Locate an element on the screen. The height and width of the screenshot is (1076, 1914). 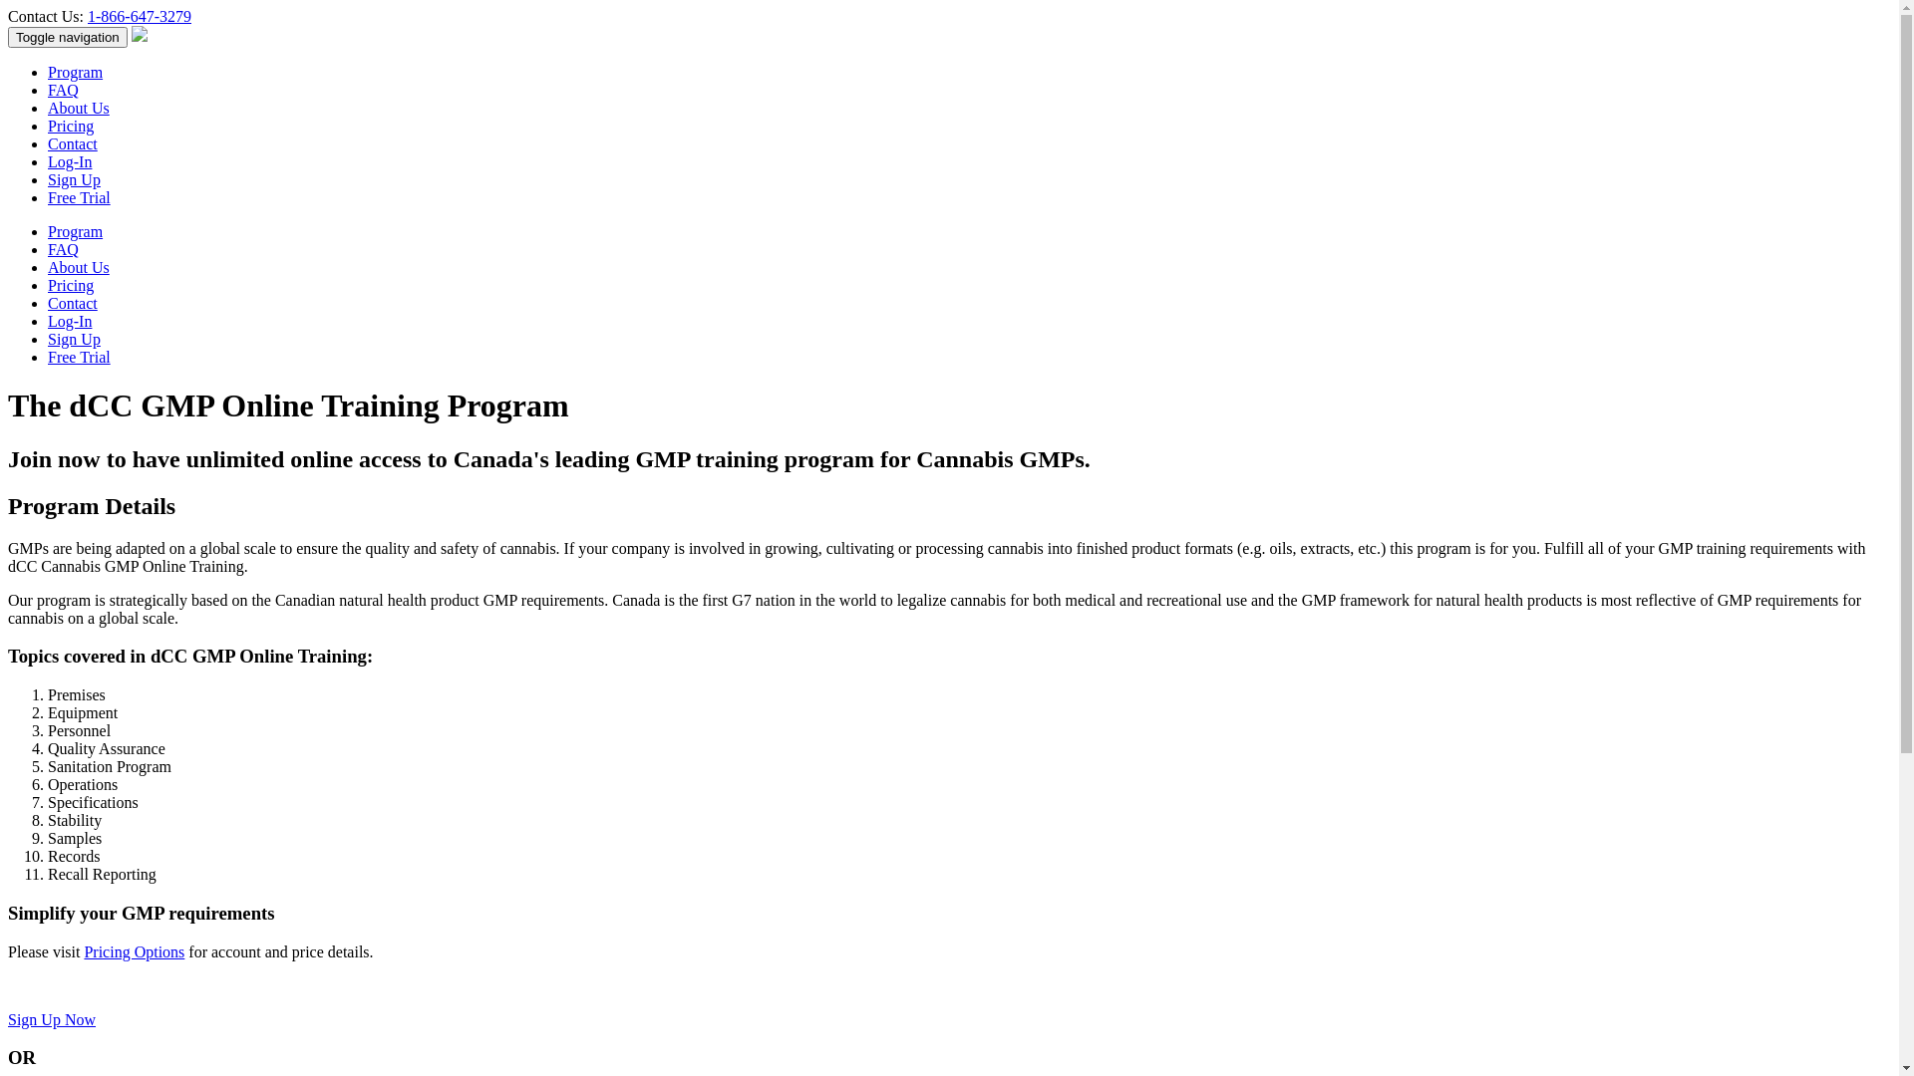
'Log-In' is located at coordinates (70, 320).